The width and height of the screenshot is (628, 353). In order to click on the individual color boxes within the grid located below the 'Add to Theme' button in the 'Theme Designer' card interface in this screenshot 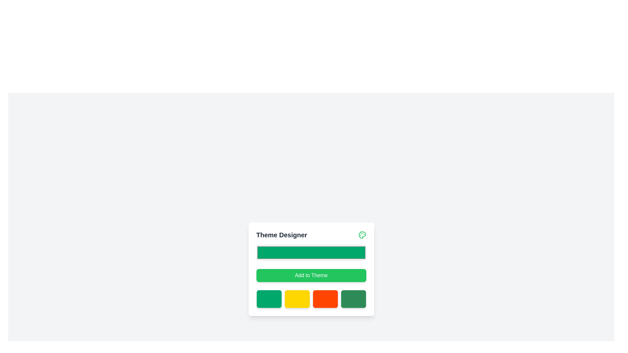, I will do `click(311, 299)`.